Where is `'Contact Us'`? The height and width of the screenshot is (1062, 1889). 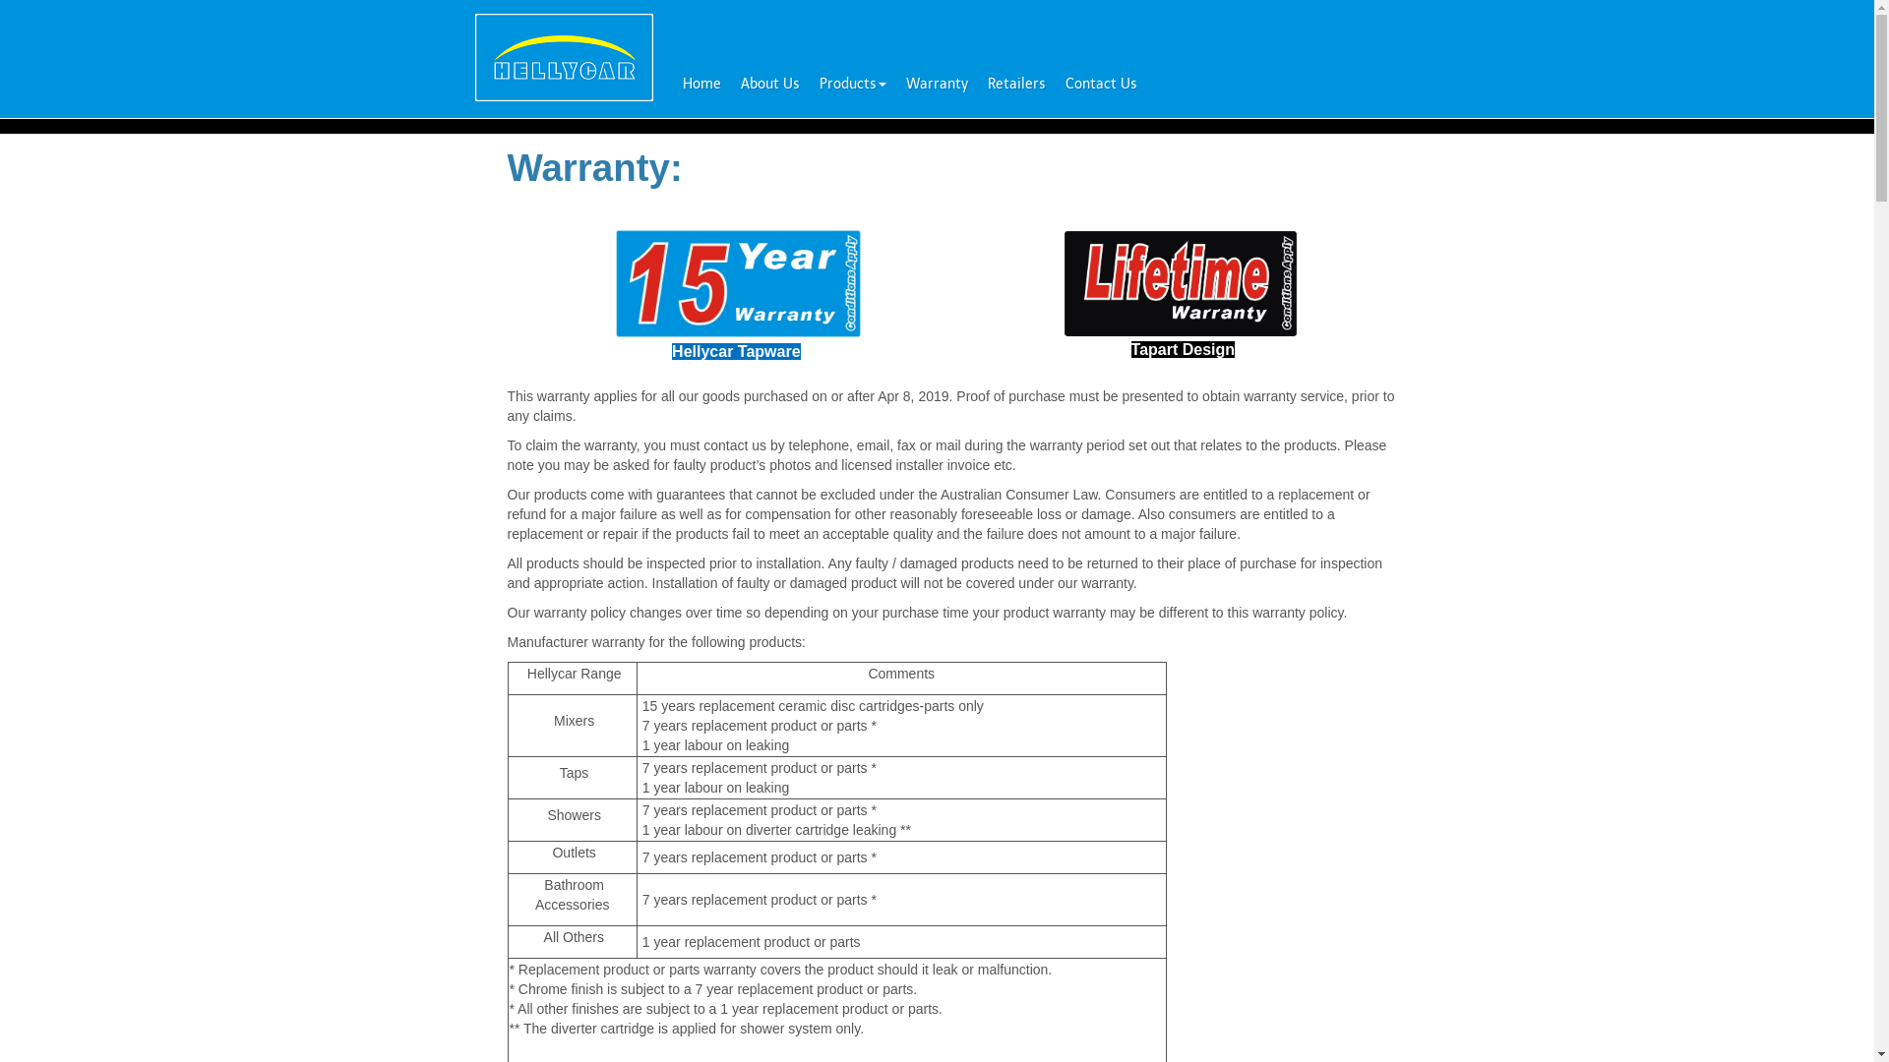
'Contact Us' is located at coordinates (1053, 82).